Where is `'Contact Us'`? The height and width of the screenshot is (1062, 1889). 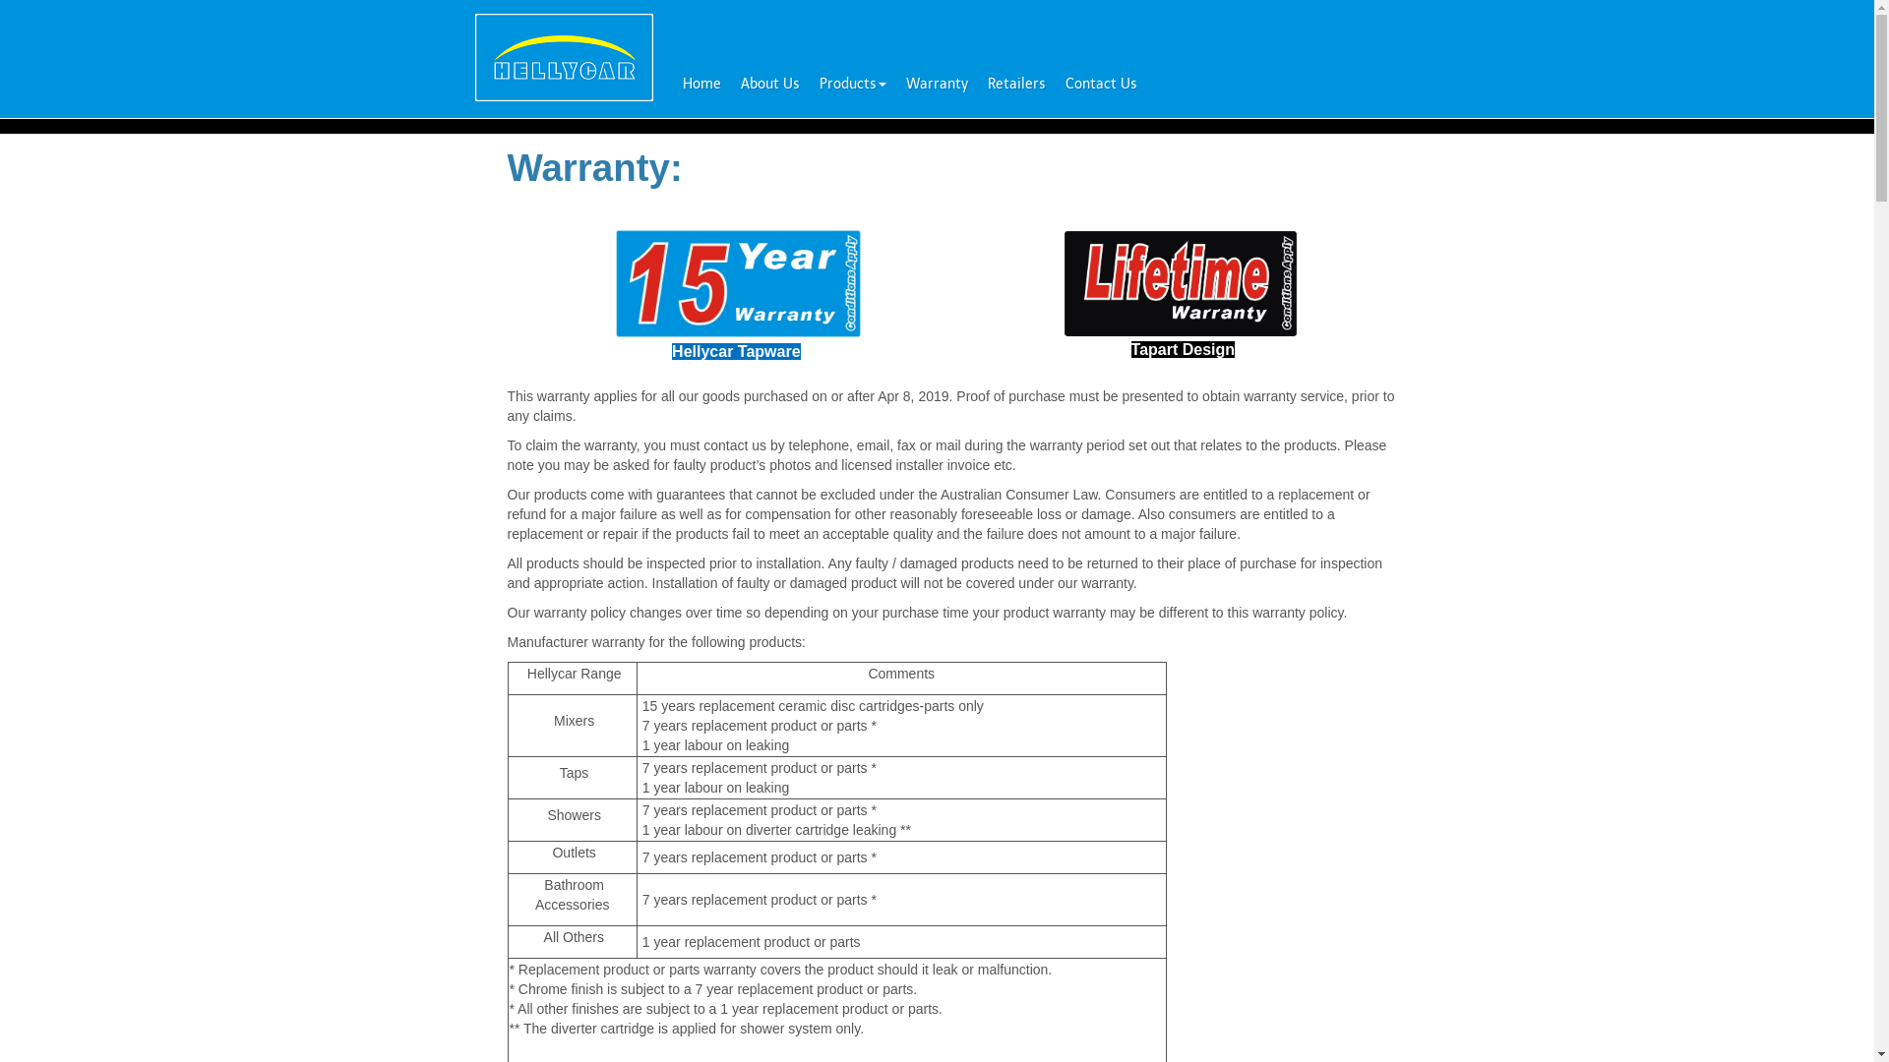
'Contact Us' is located at coordinates (1053, 82).